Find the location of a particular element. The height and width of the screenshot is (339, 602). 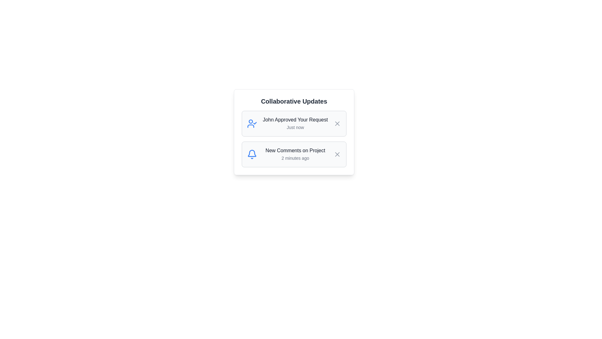

the text block that contains 'John Approved Your Request' and 'Just now' within the 'Collaborative Updates' section of the notification card is located at coordinates (295, 123).